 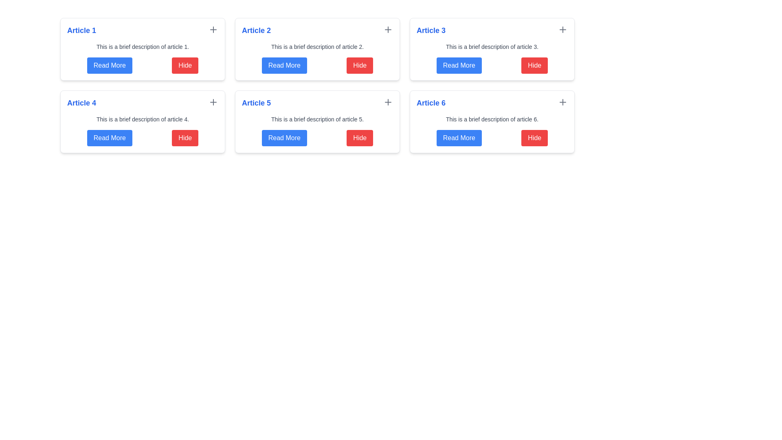 I want to click on the button that reveals more content related to 'Article 2', located in the top row, second card from the left, so click(x=284, y=65).